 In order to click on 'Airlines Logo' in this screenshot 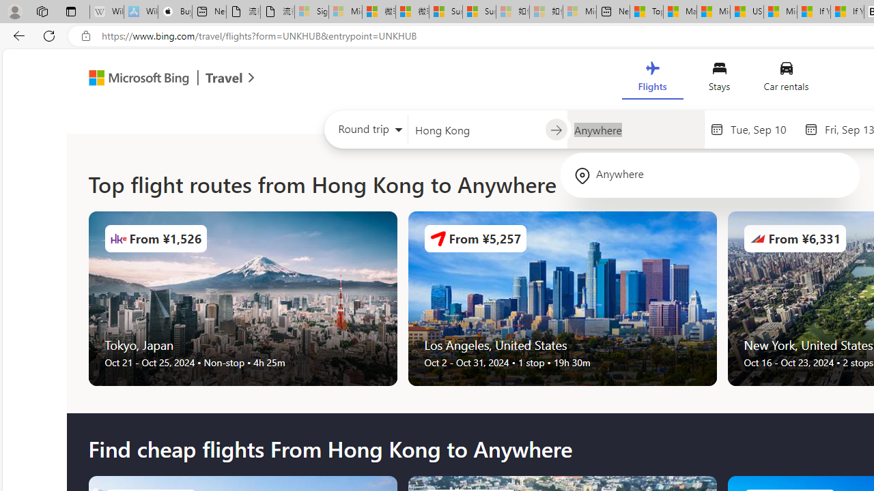, I will do `click(757, 237)`.